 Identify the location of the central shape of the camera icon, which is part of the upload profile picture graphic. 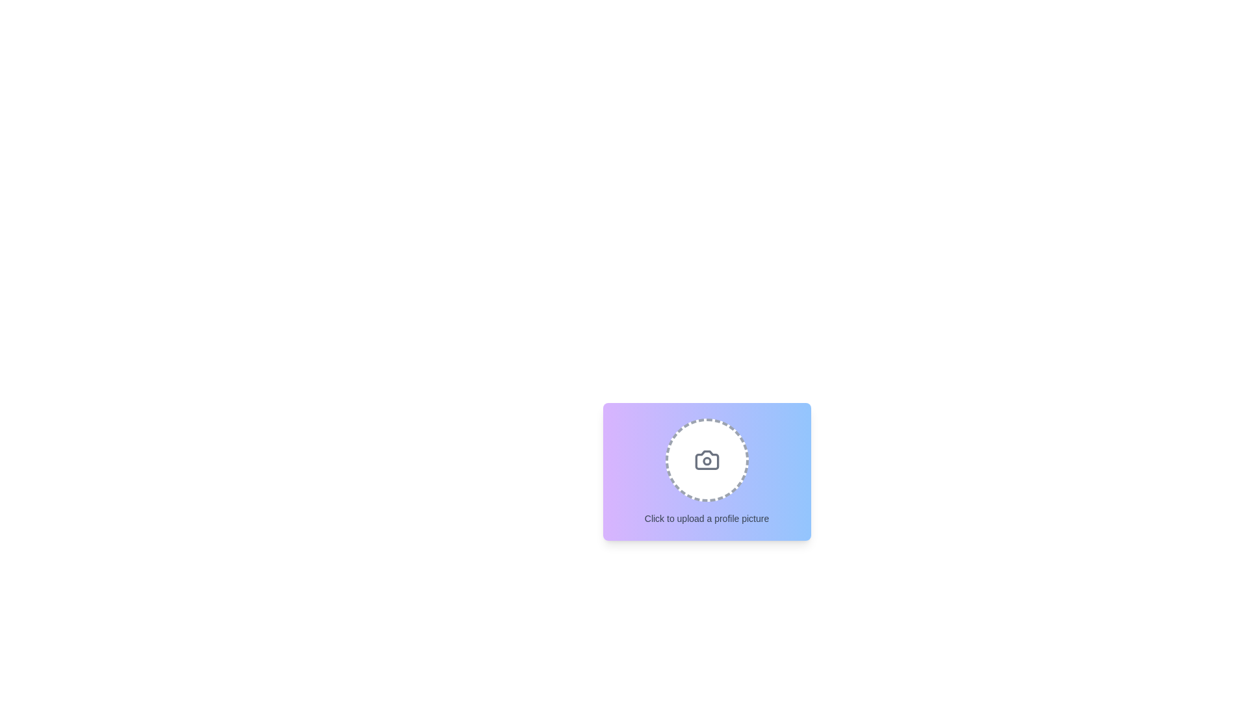
(706, 460).